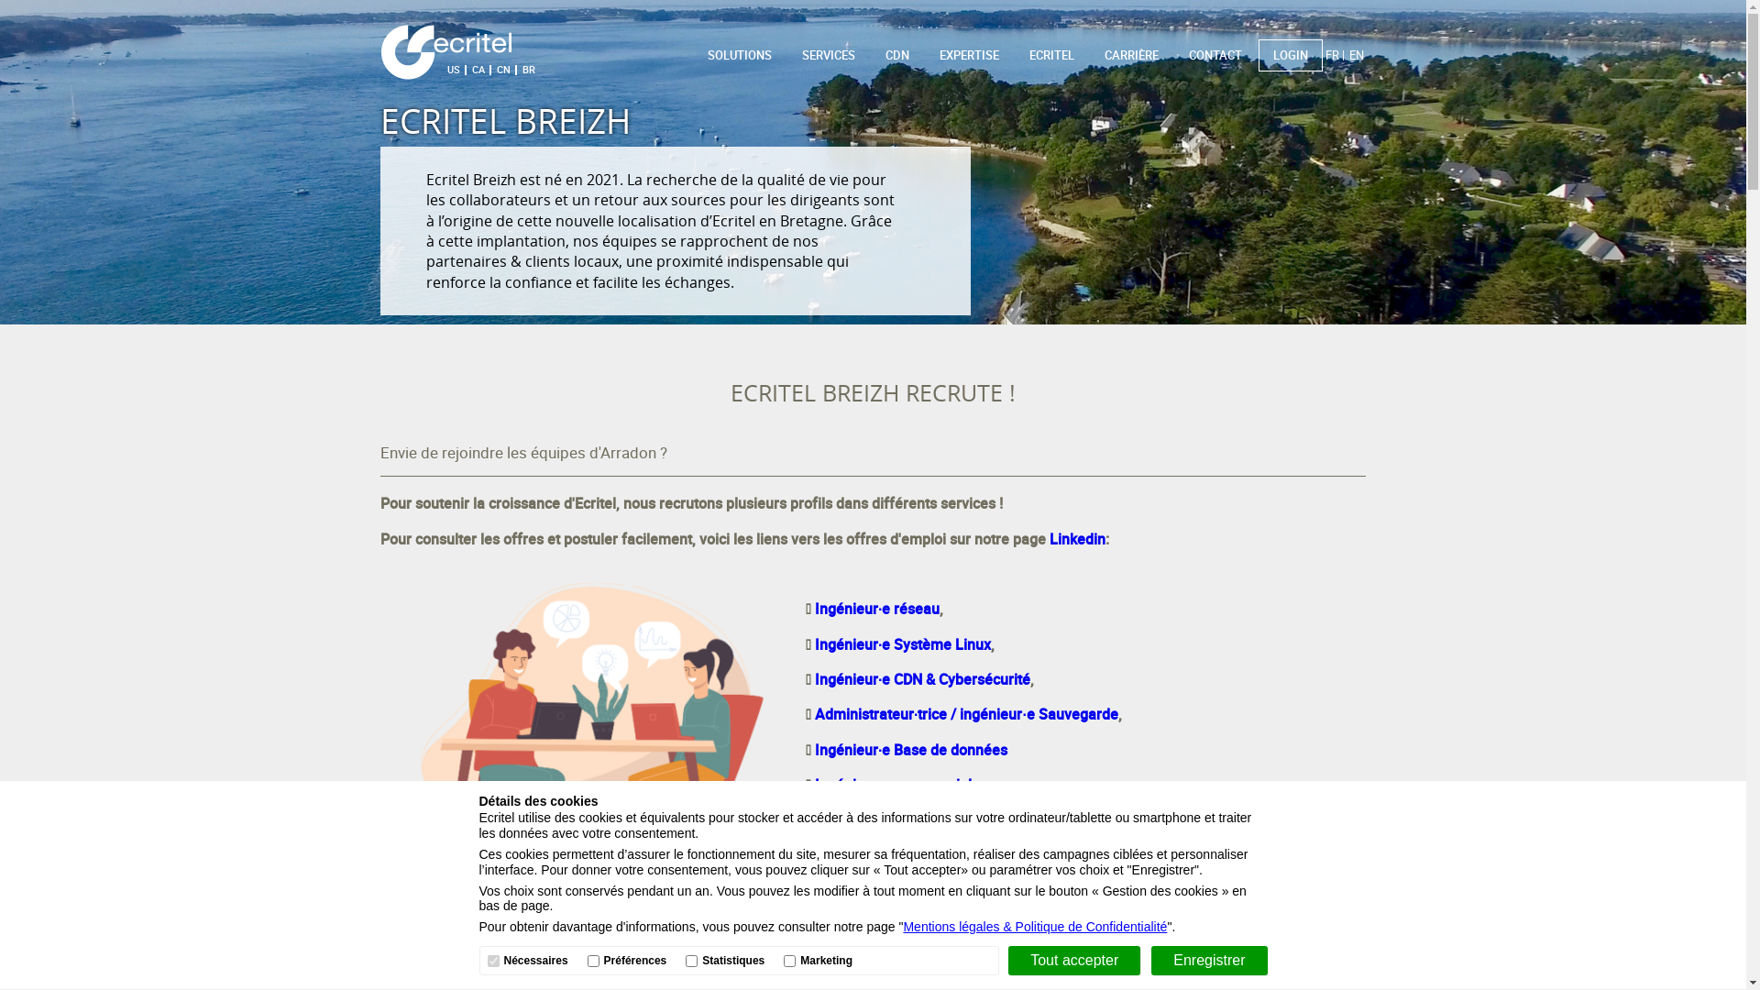  I want to click on 'CN', so click(503, 69).